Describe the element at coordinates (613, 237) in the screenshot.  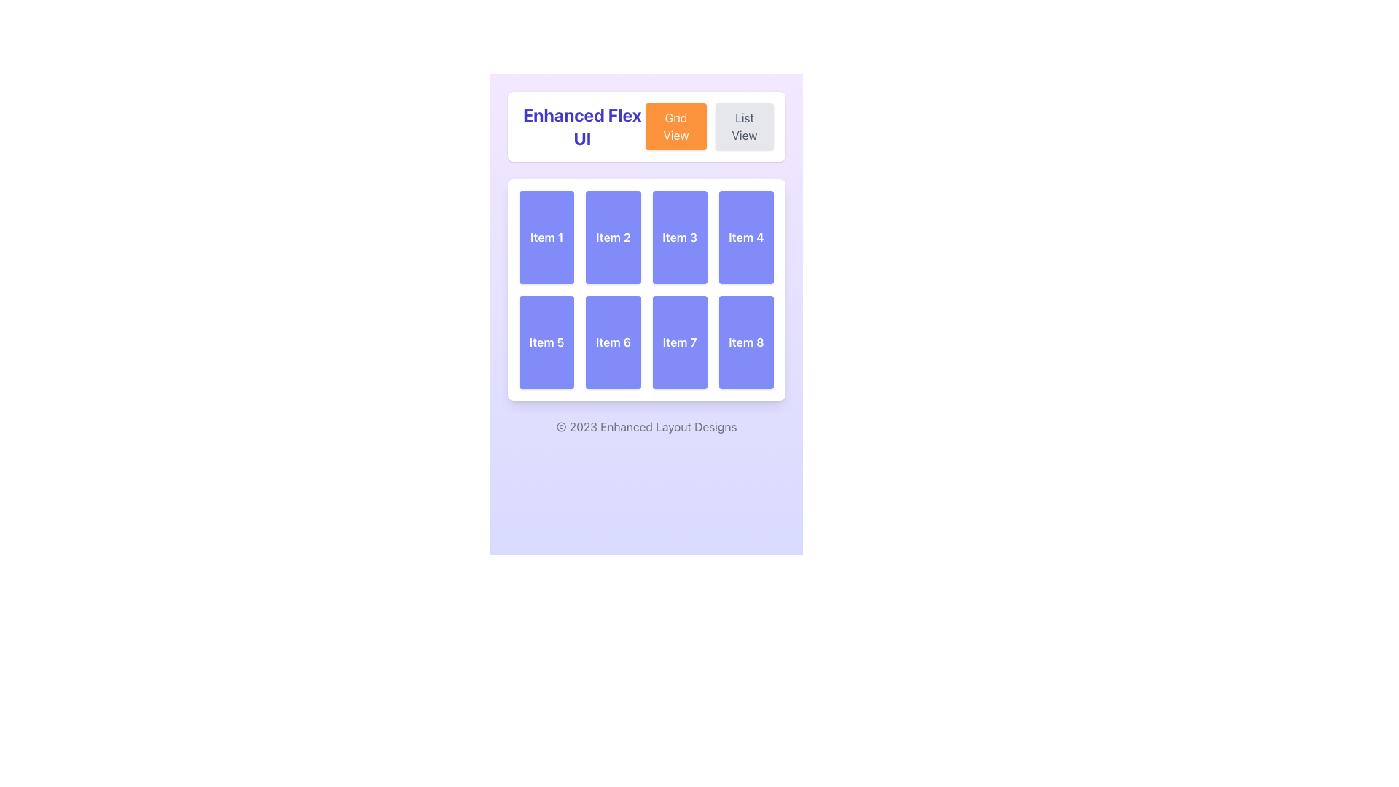
I see `the rectangular button with a purple background and white bold text that reads 'Item 2', located in the second column and first row of the grid` at that location.